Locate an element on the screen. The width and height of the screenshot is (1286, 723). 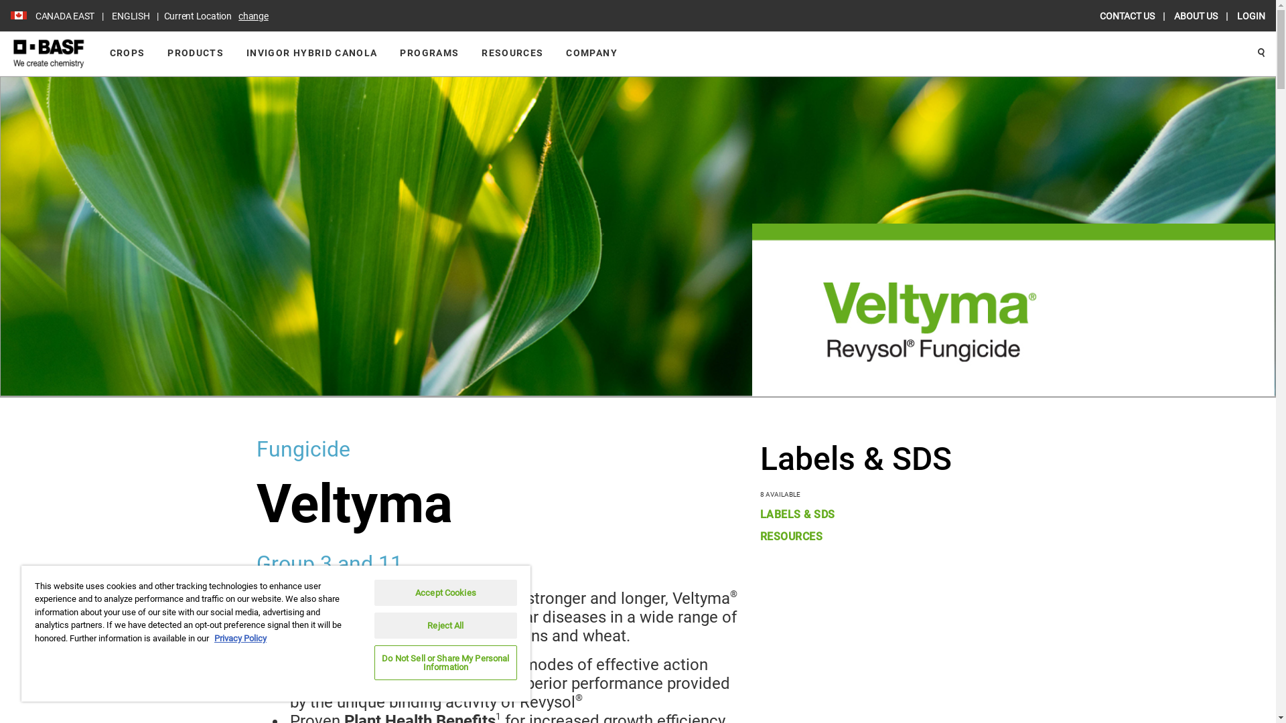
'Accept Cookies' is located at coordinates (445, 592).